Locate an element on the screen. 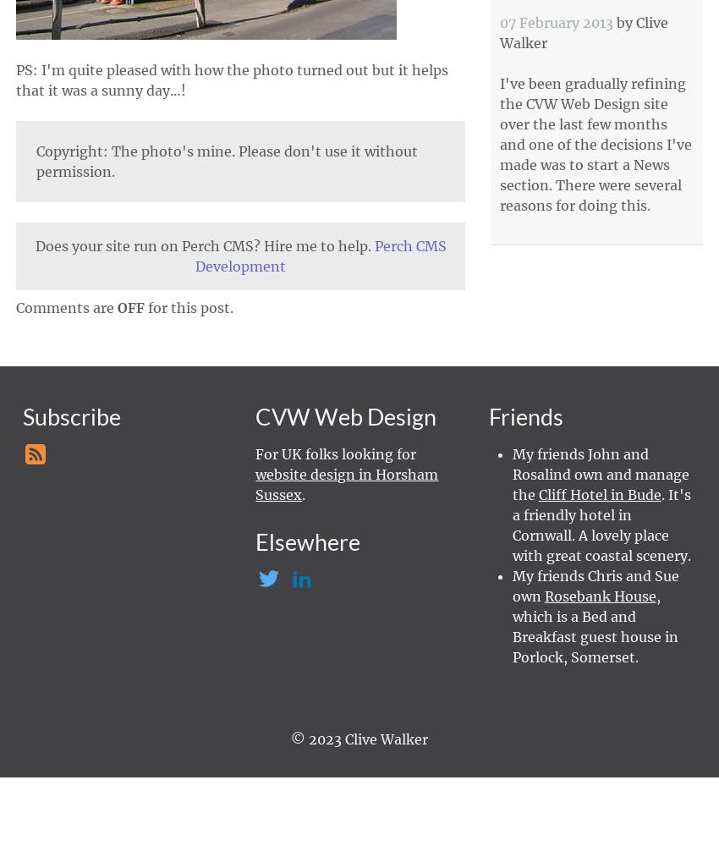 The height and width of the screenshot is (846, 719). 'Clive Walker' is located at coordinates (500, 32).